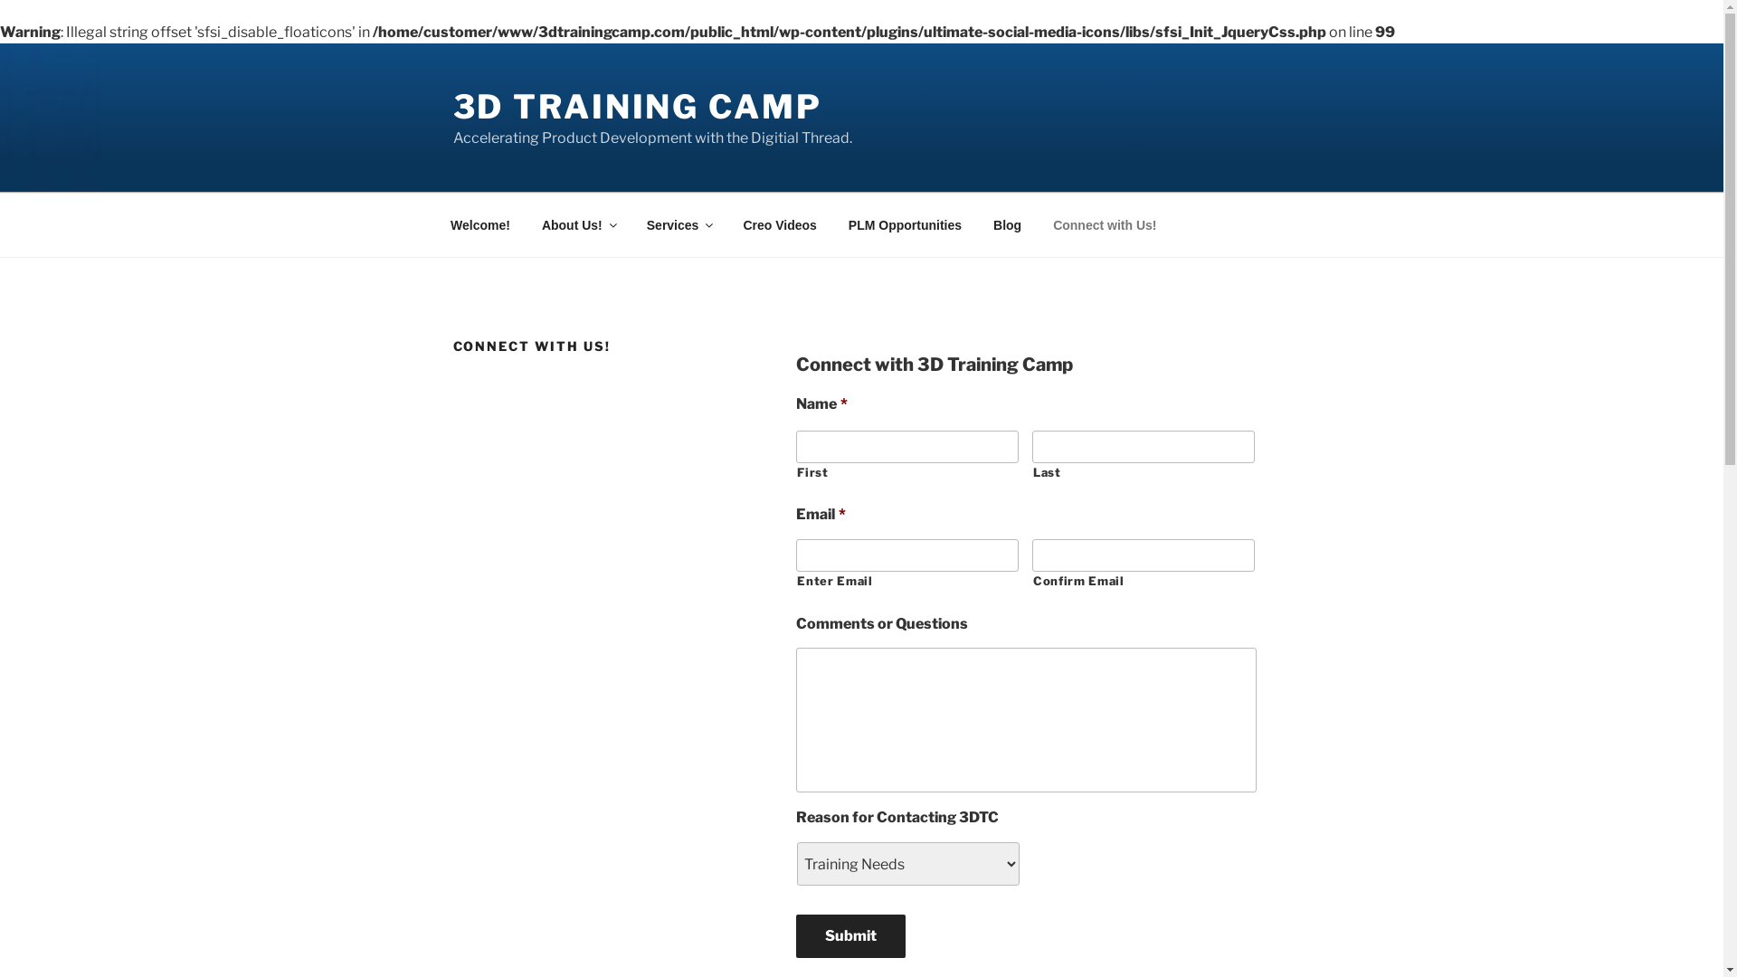  What do you see at coordinates (850, 935) in the screenshot?
I see `'Submit'` at bounding box center [850, 935].